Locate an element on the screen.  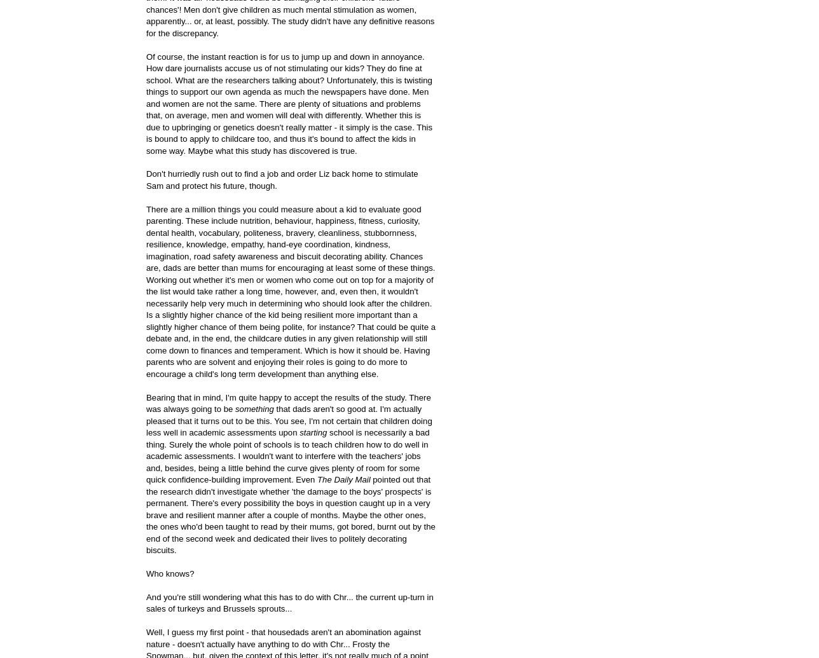
'school is necessarily a bad thing. Surely the whole point of schools is to teach children how to do well in academic assessments. I wouldn't want to interfere with the teachers' jobs and, besides, being a little behind the curve gives plenty of room for some quick confidence-building improvement. Even' is located at coordinates (146, 455).